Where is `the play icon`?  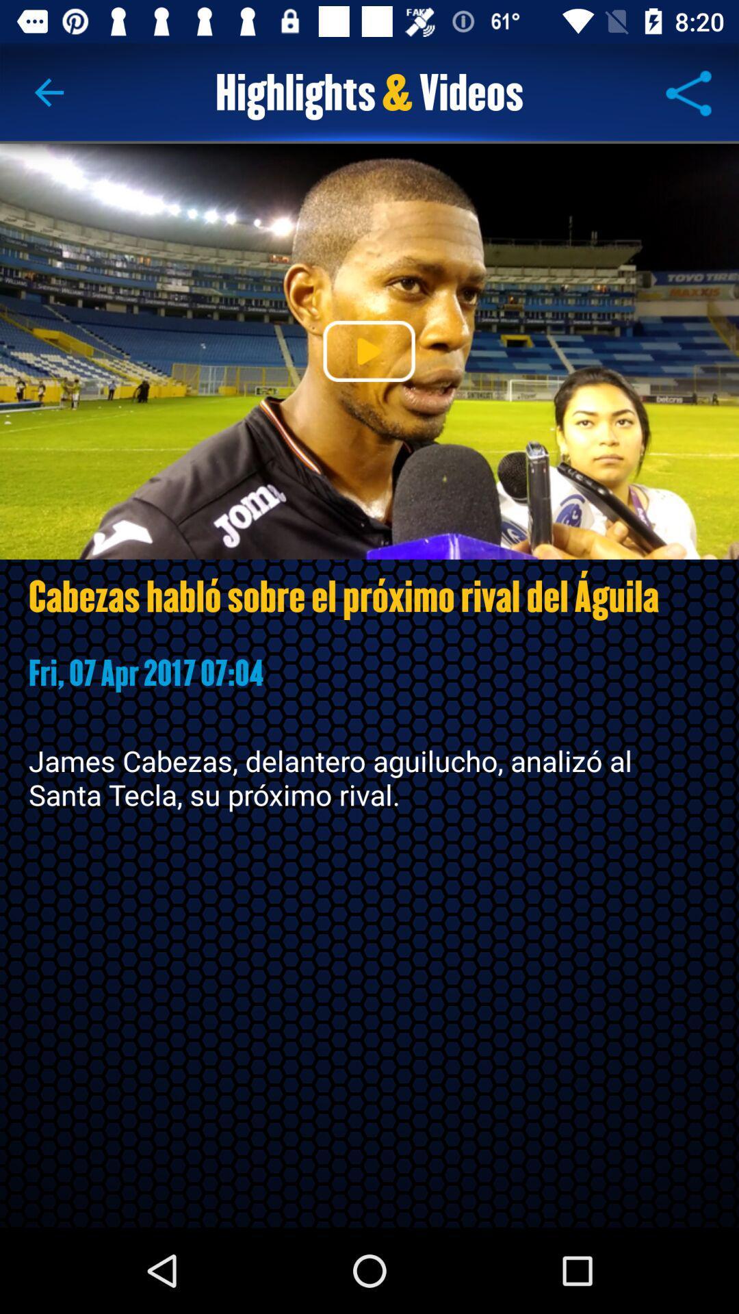
the play icon is located at coordinates (368, 351).